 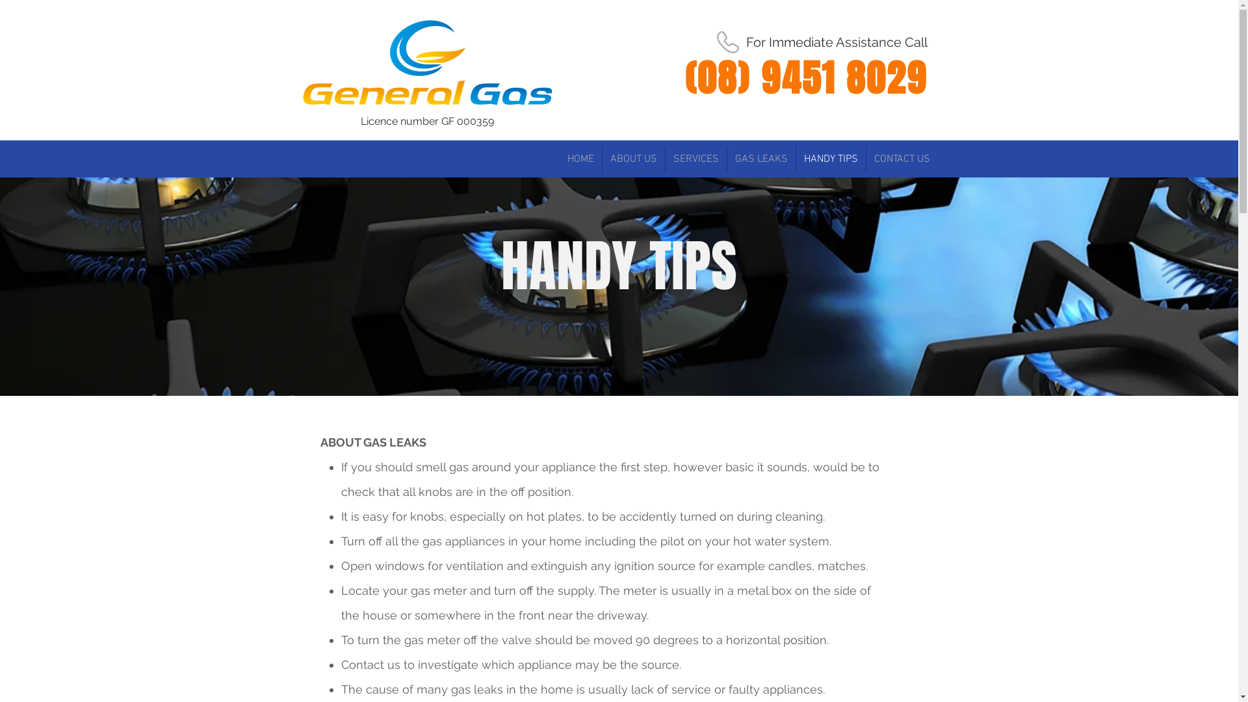 I want to click on 'ABOUT US', so click(x=633, y=159).